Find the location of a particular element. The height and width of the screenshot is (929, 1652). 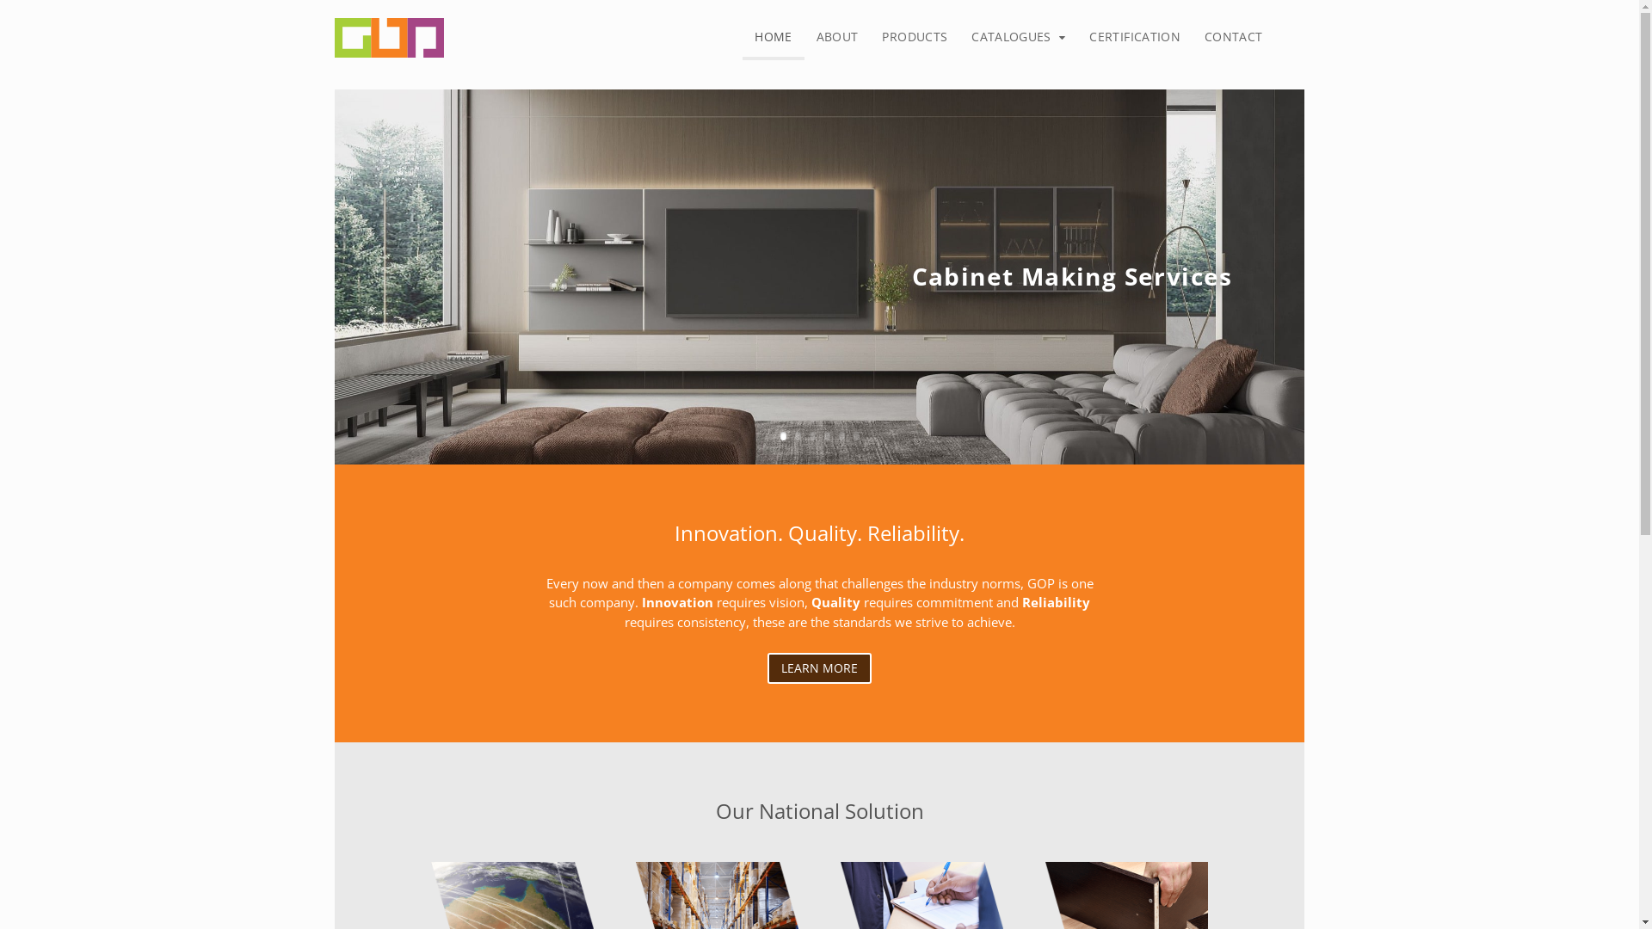

'4' is located at coordinates (827, 434).